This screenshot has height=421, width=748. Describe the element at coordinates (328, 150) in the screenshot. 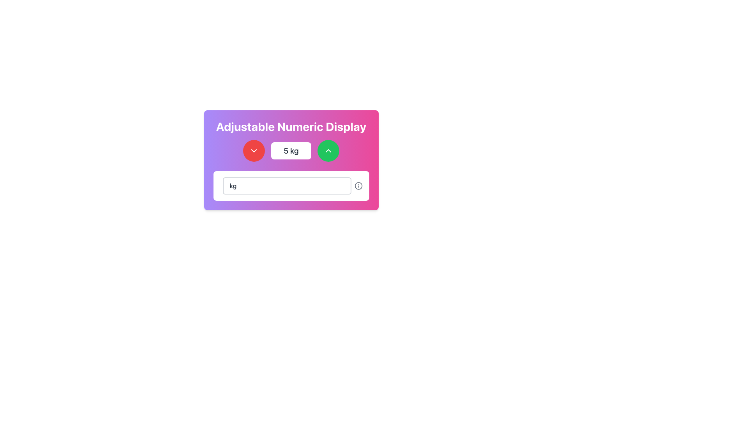

I see `the green button located to the right of the white rounded rectangle displaying '5 kg'` at that location.